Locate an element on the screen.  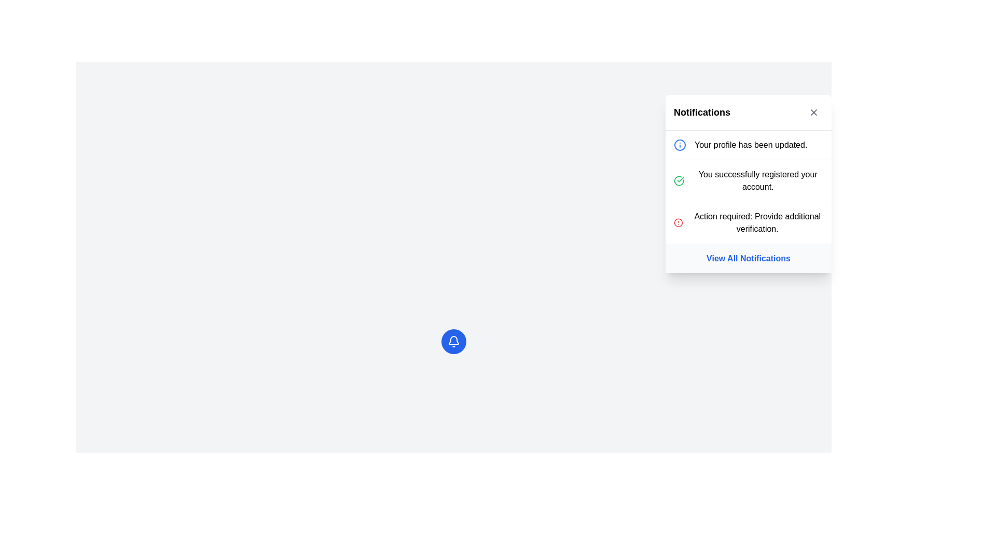
the text label that displays 'You successfully registered your account.' in the notification interface is located at coordinates (758, 180).